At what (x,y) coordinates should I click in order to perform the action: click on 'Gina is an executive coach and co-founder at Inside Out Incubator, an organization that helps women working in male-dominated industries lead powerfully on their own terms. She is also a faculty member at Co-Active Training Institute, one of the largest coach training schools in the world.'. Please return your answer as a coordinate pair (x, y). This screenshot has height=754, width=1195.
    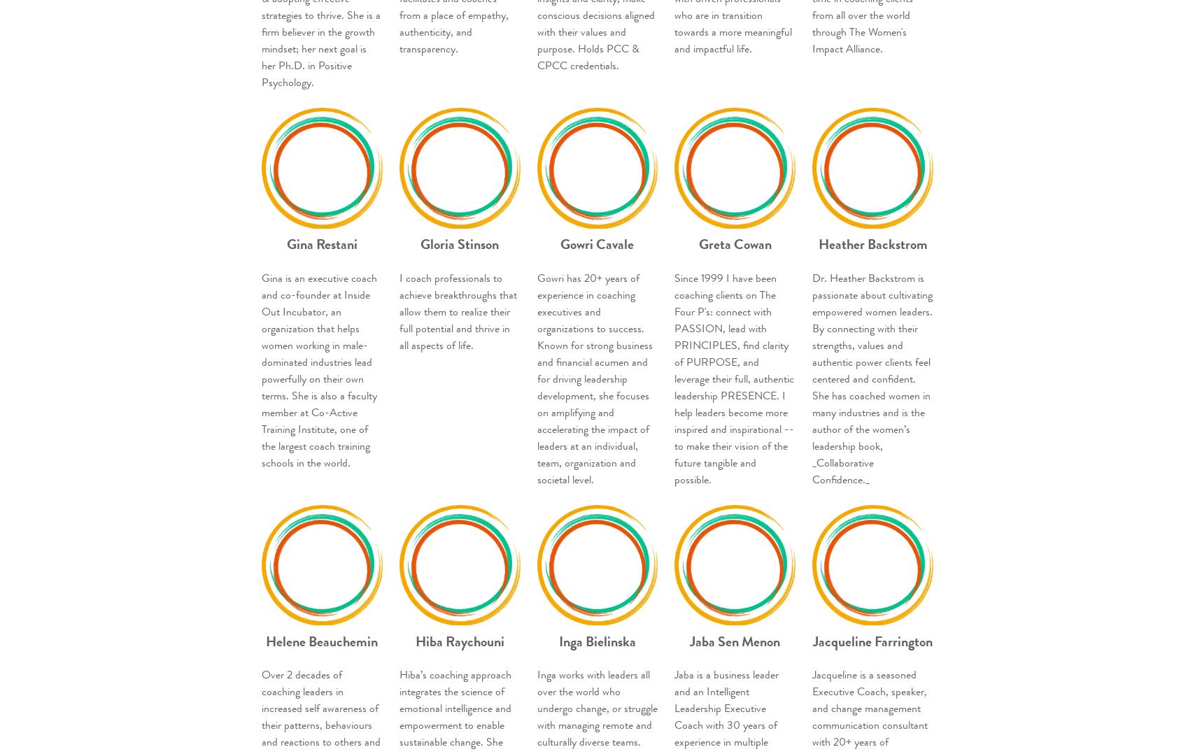
    Looking at the image, I should click on (319, 369).